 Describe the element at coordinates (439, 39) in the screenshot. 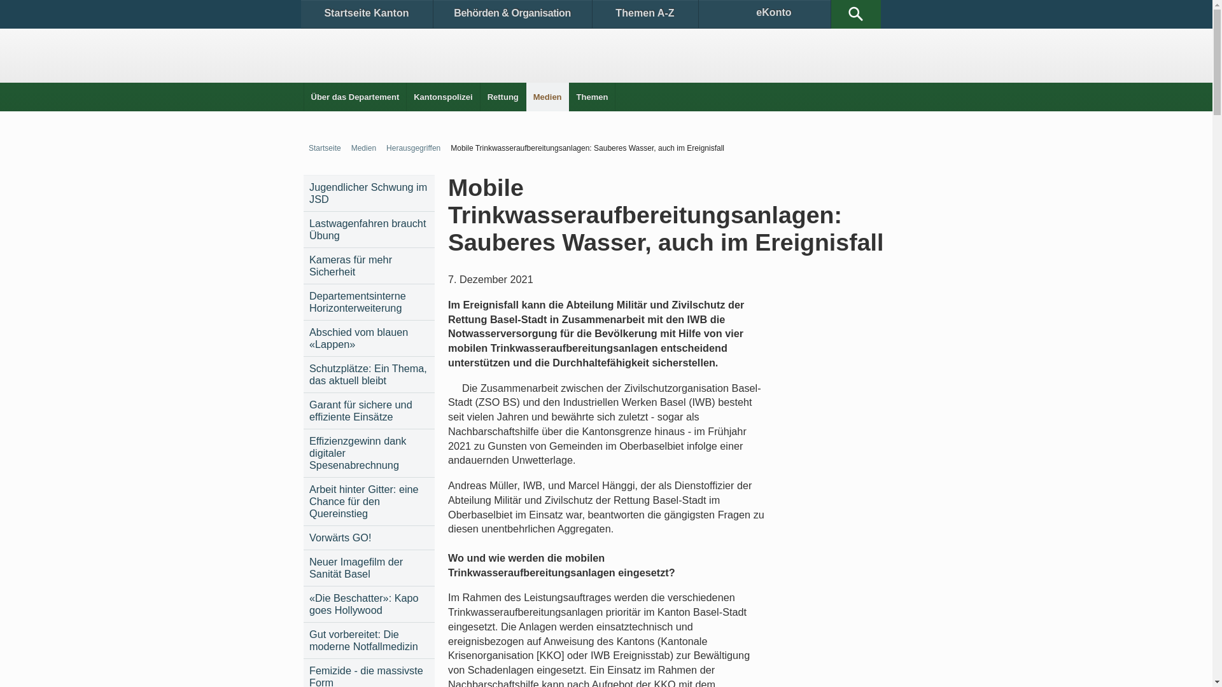

I see `'Dokumentationen'` at that location.